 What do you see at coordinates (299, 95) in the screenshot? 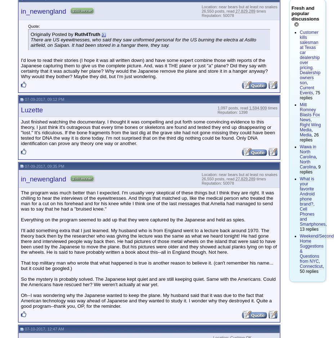
I see `', 75 replies'` at bounding box center [299, 95].